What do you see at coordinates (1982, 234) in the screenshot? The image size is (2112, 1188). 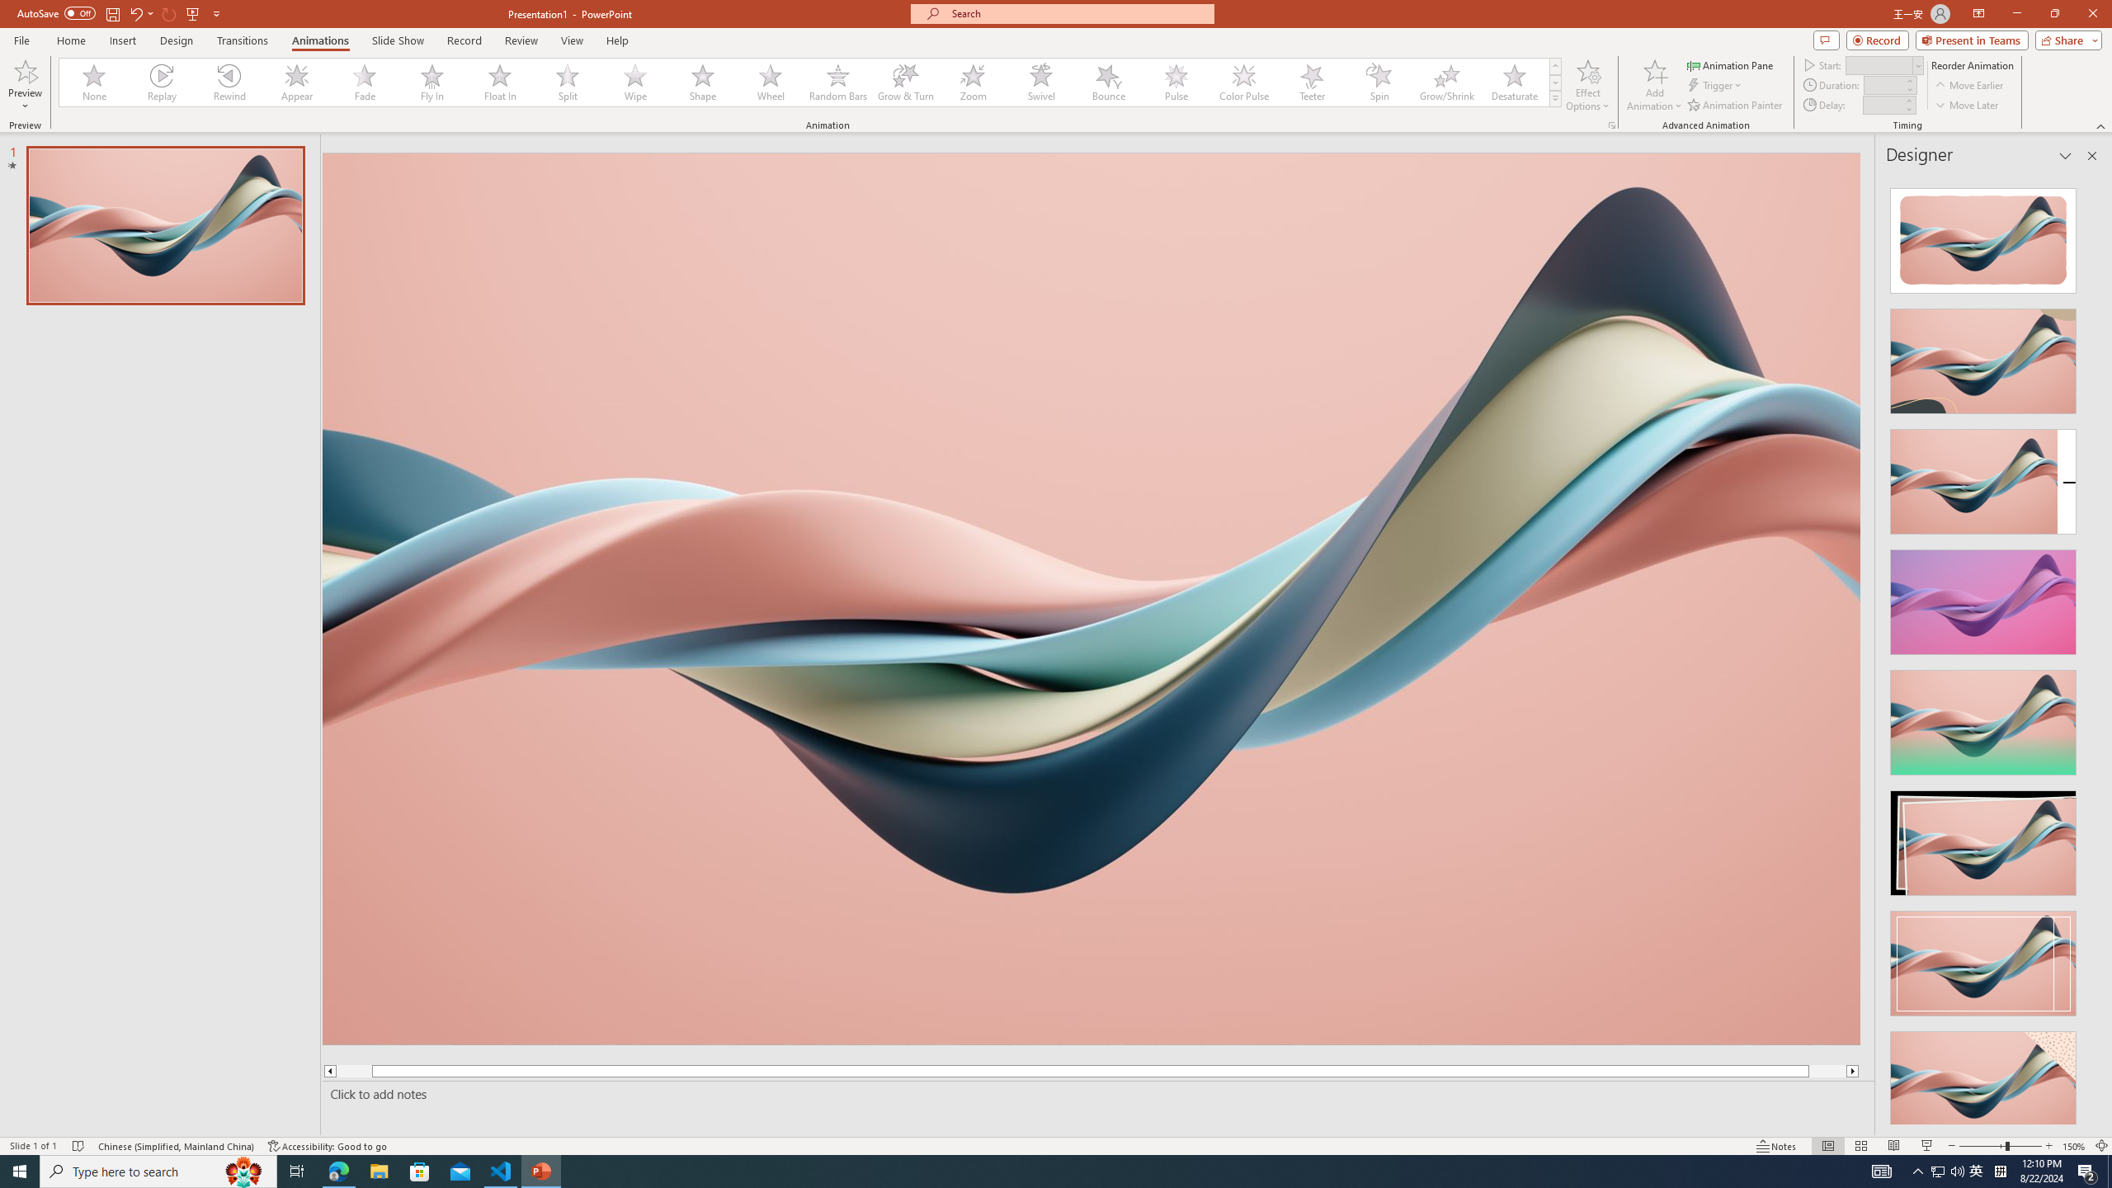 I see `'Recommended Design: Design Idea'` at bounding box center [1982, 234].